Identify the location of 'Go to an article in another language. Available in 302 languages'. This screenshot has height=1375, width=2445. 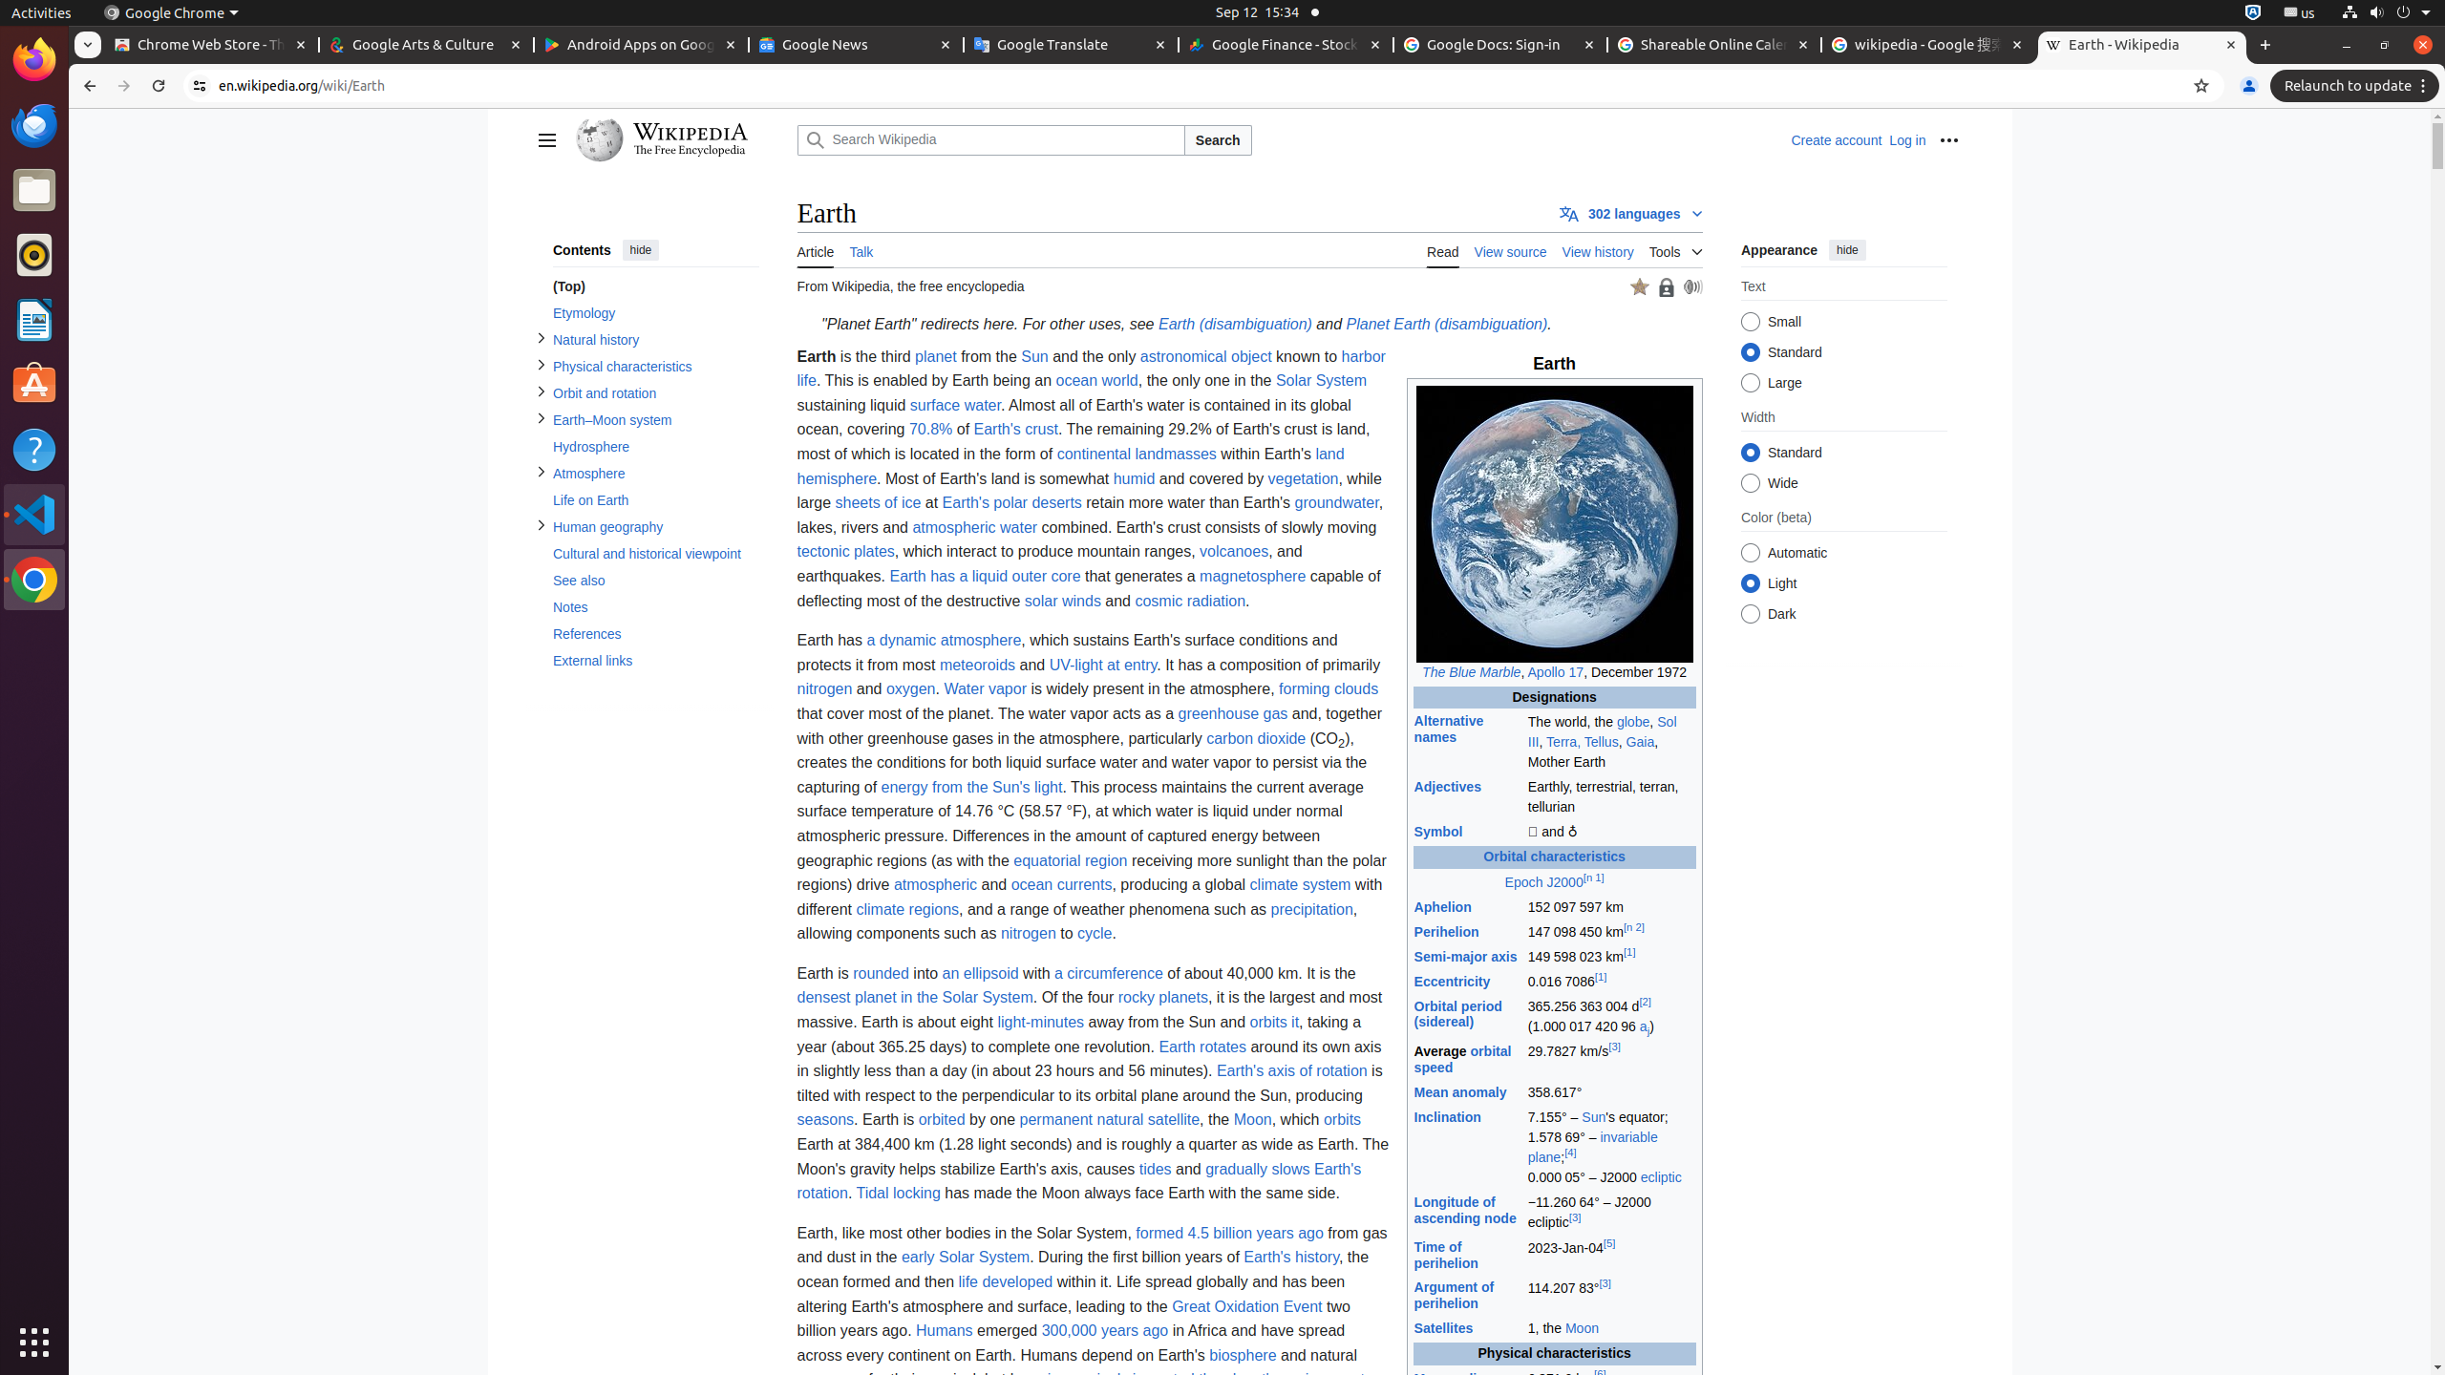
(1631, 212).